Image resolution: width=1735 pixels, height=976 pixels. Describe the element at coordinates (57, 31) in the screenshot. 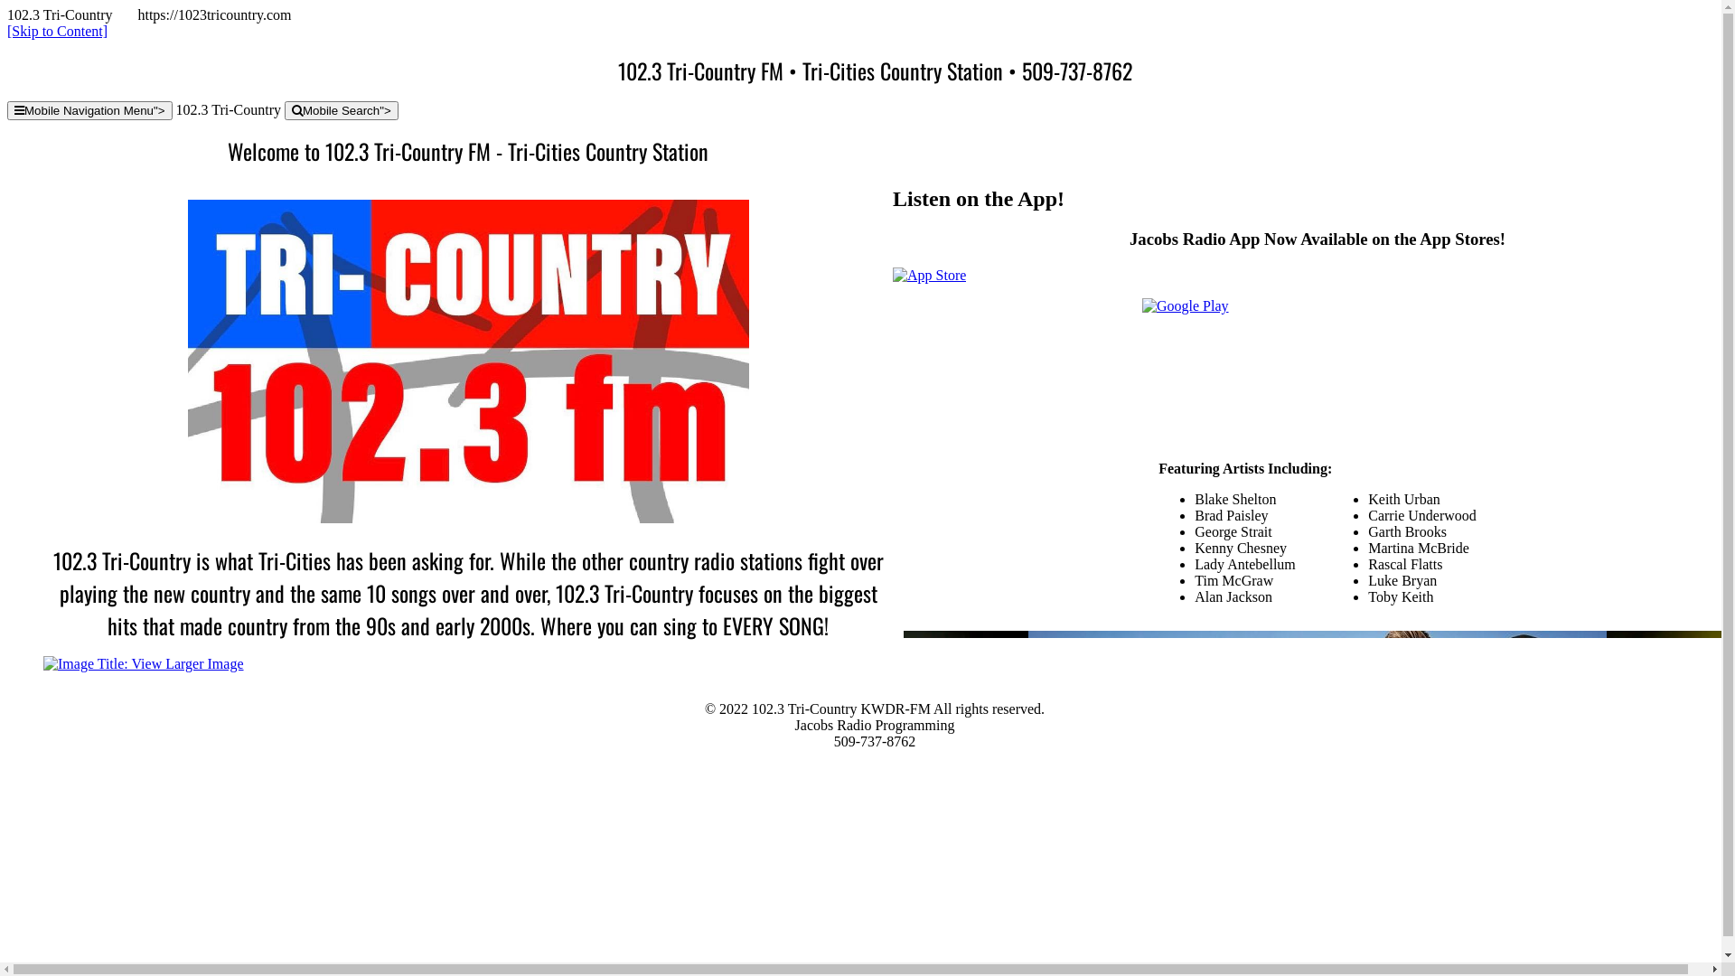

I see `'[Skip to Content]'` at that location.